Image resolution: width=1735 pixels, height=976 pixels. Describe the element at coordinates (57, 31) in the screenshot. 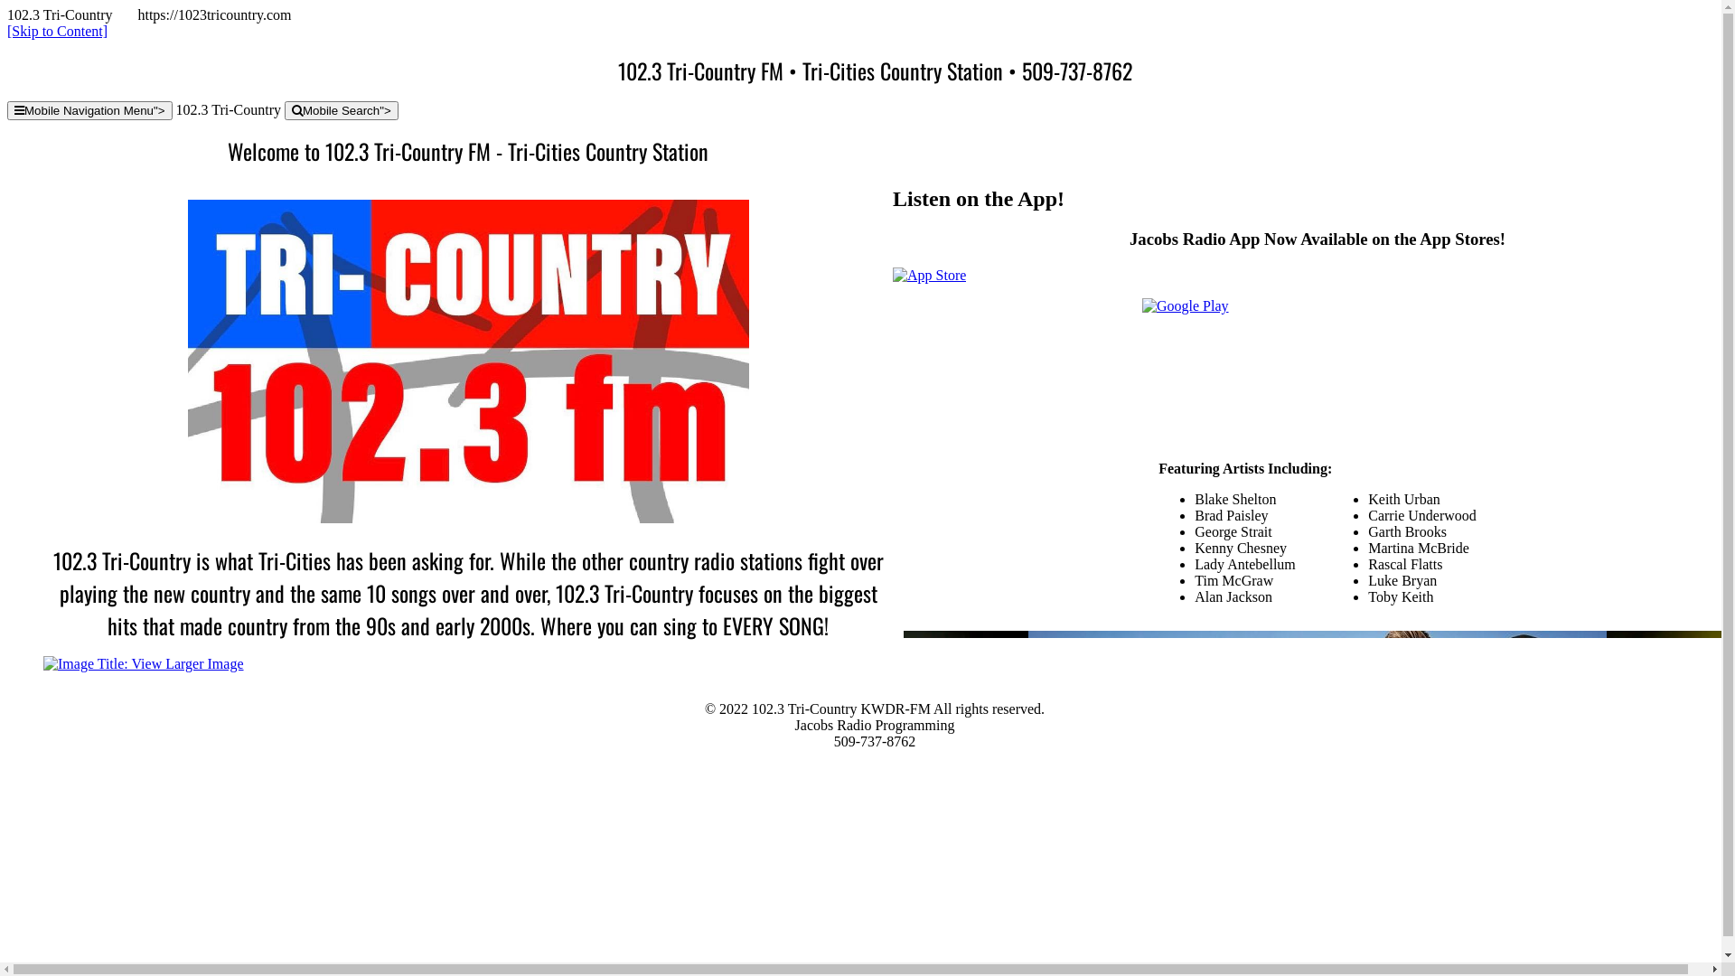

I see `'[Skip to Content]'` at that location.